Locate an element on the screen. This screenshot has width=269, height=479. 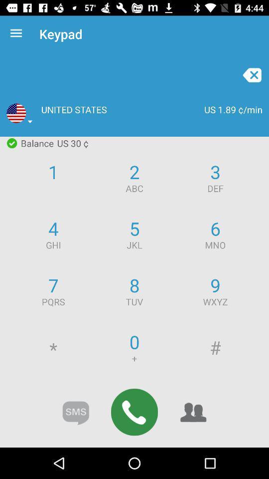
the group icon is located at coordinates (193, 412).